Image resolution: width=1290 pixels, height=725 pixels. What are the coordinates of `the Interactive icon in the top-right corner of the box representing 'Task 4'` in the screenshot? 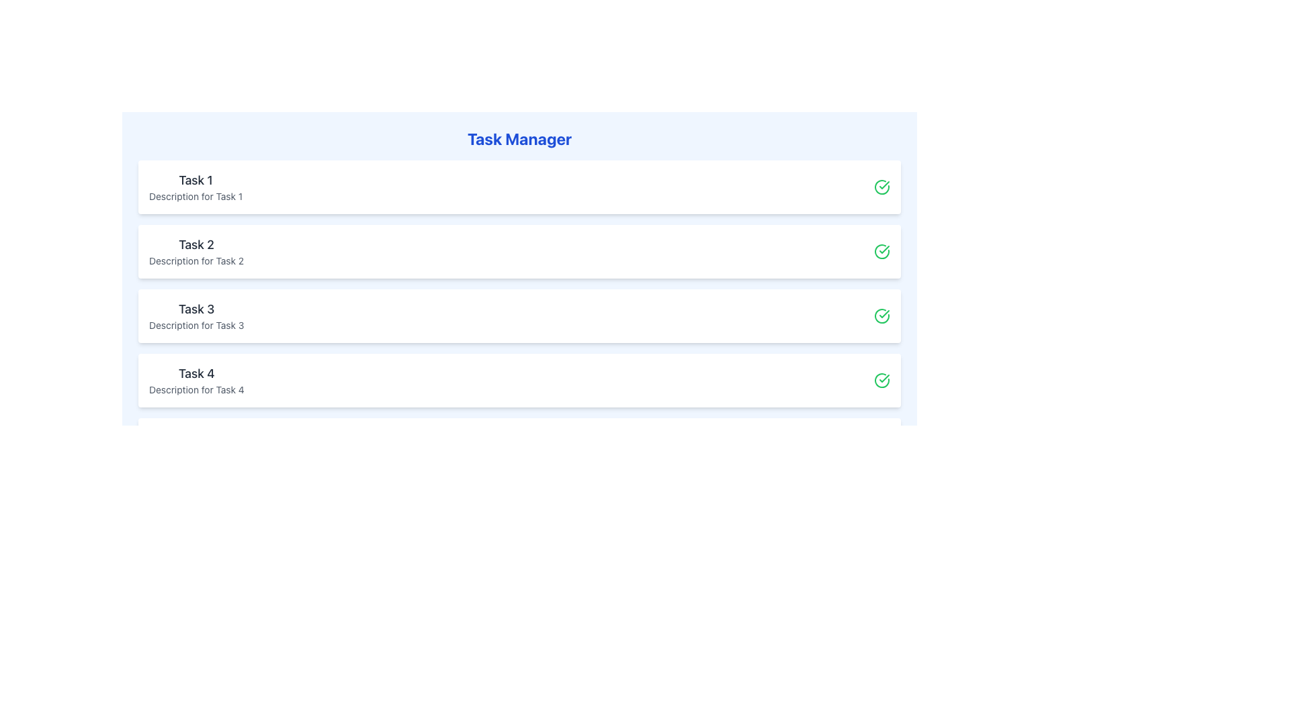 It's located at (882, 381).